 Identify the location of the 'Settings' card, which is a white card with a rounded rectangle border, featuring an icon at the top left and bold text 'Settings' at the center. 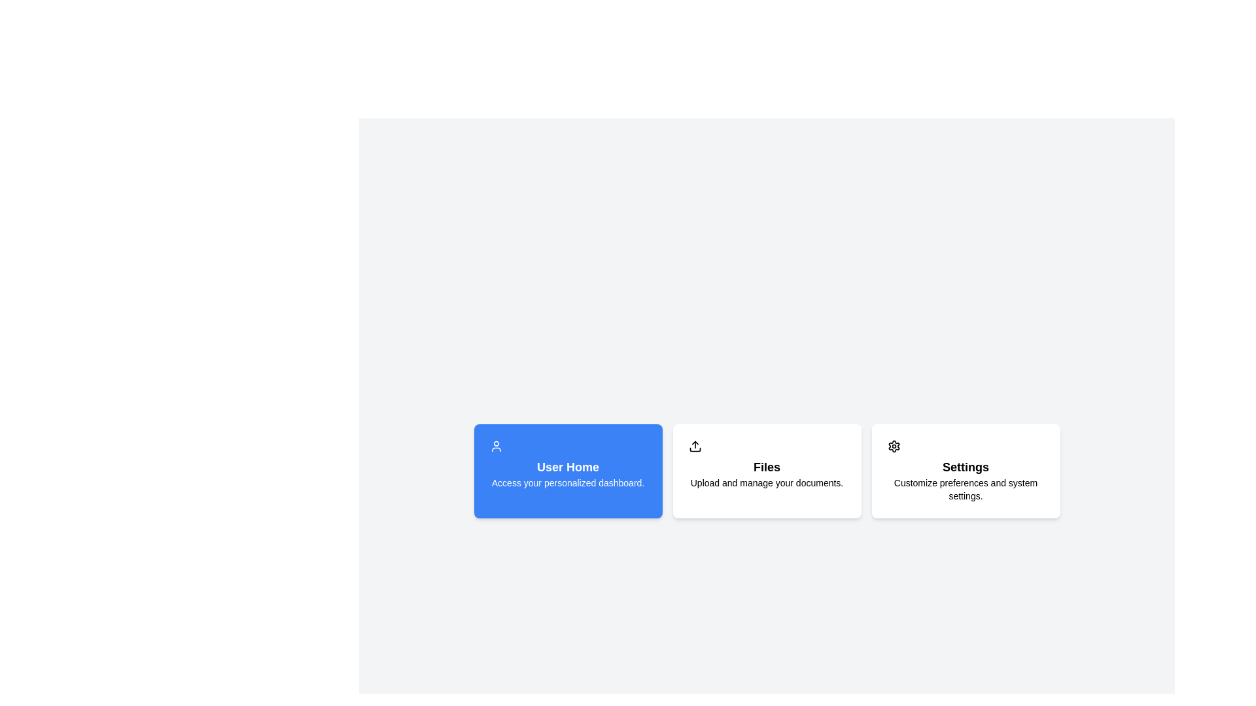
(966, 471).